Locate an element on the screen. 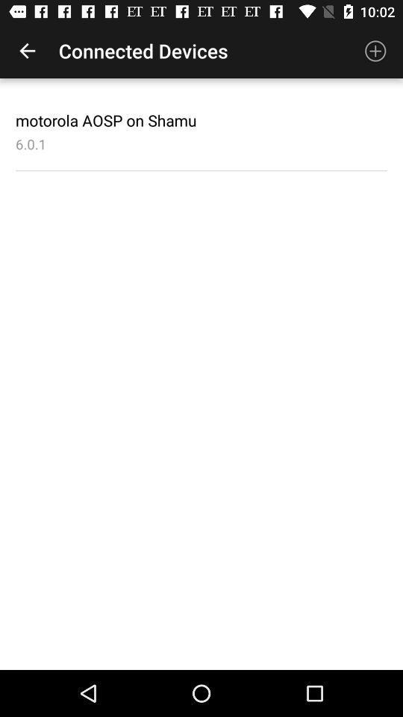  the item next to the connected devices icon is located at coordinates (375, 51).